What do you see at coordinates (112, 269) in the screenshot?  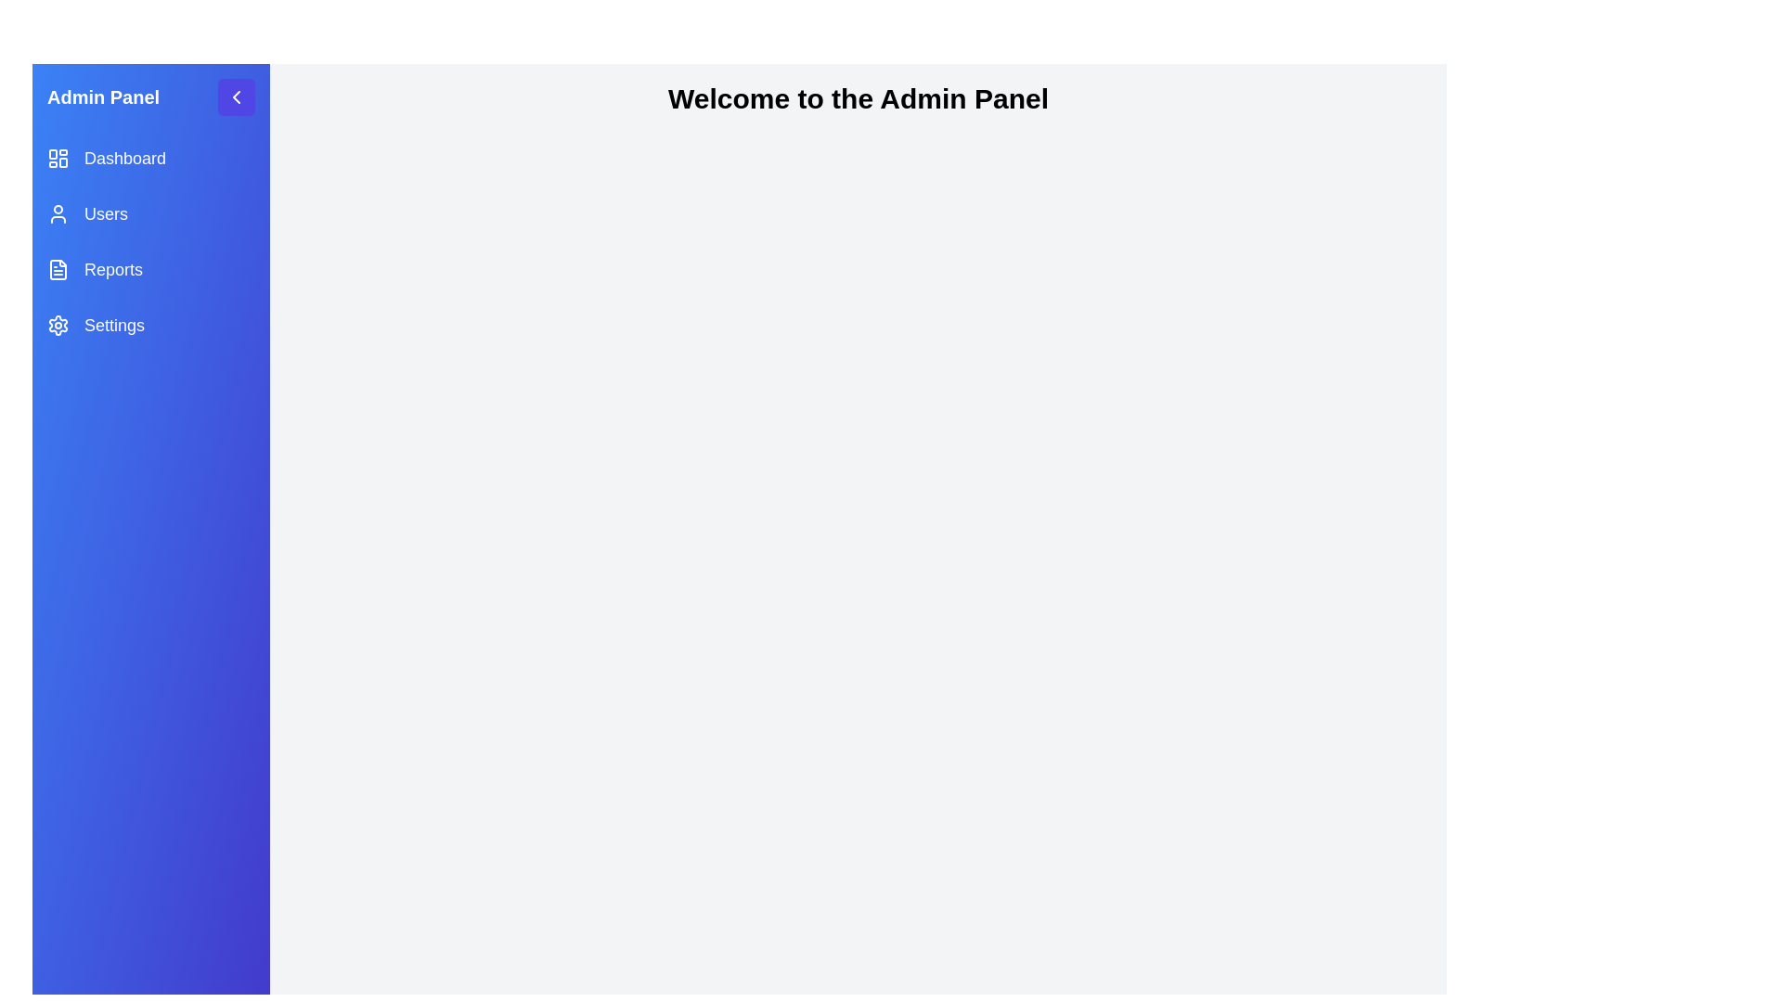 I see `the 'Reports' label, which is styled in bold, white sans-serif font and located on the blue vertical navigation bar, positioned to the right of a document icon` at bounding box center [112, 269].